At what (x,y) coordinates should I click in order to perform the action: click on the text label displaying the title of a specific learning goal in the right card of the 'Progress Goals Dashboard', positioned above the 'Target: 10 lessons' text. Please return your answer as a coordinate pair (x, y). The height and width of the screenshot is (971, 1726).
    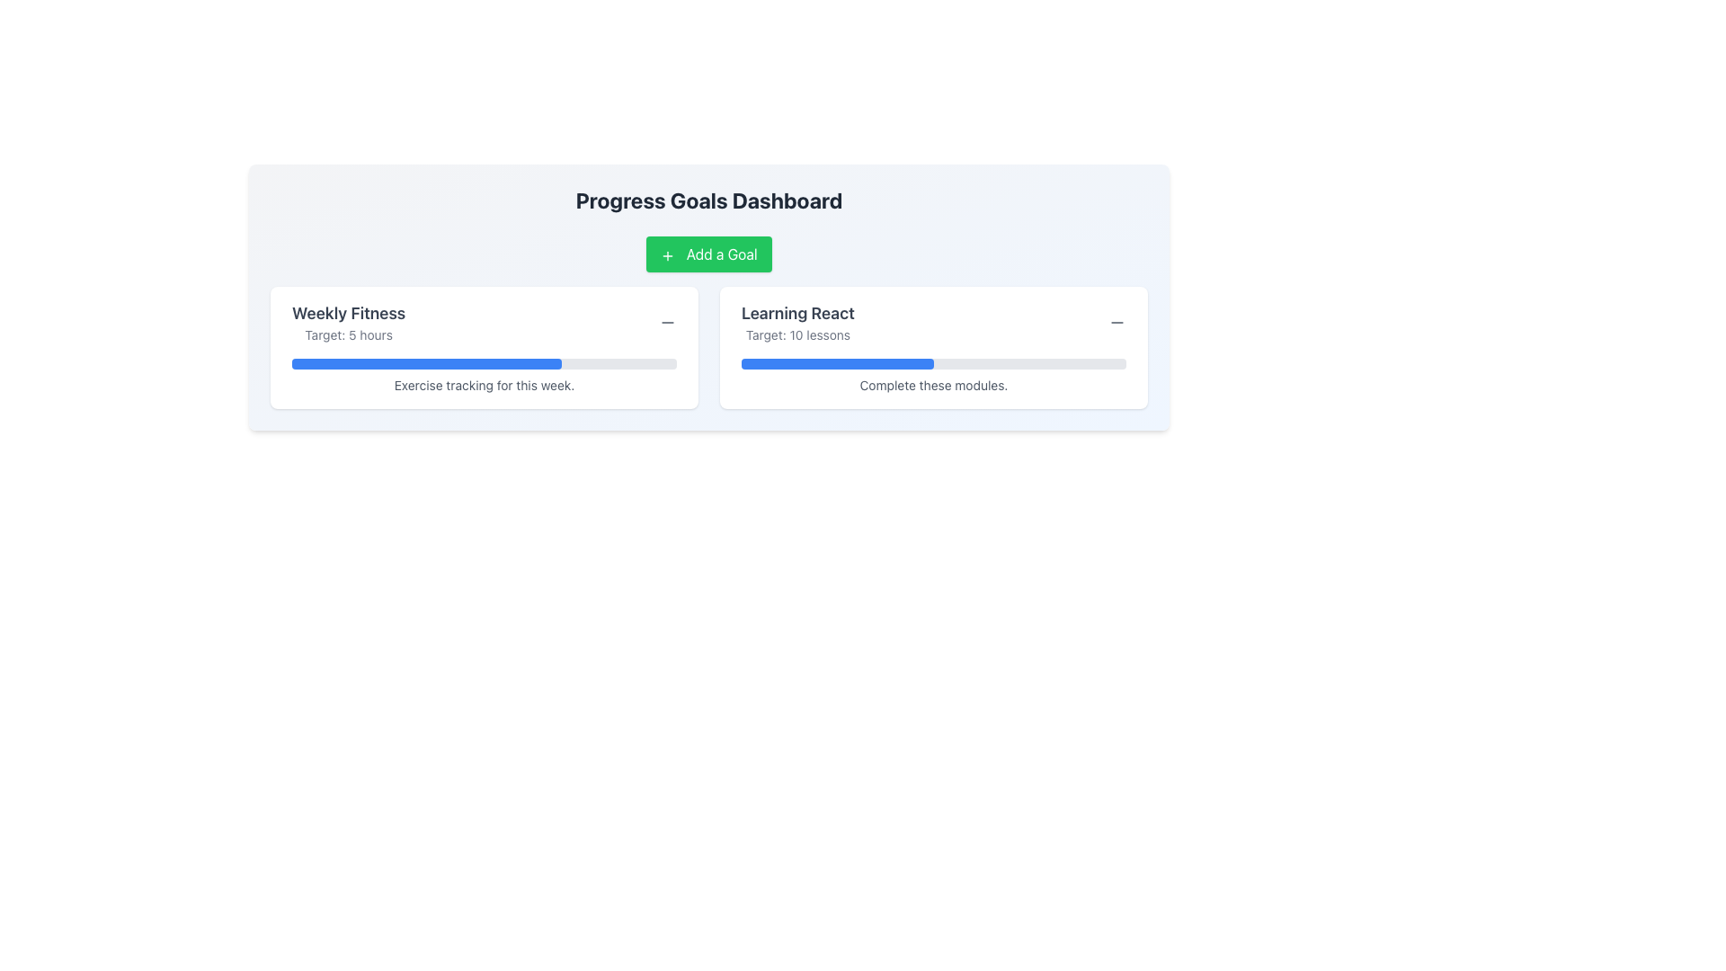
    Looking at the image, I should click on (797, 312).